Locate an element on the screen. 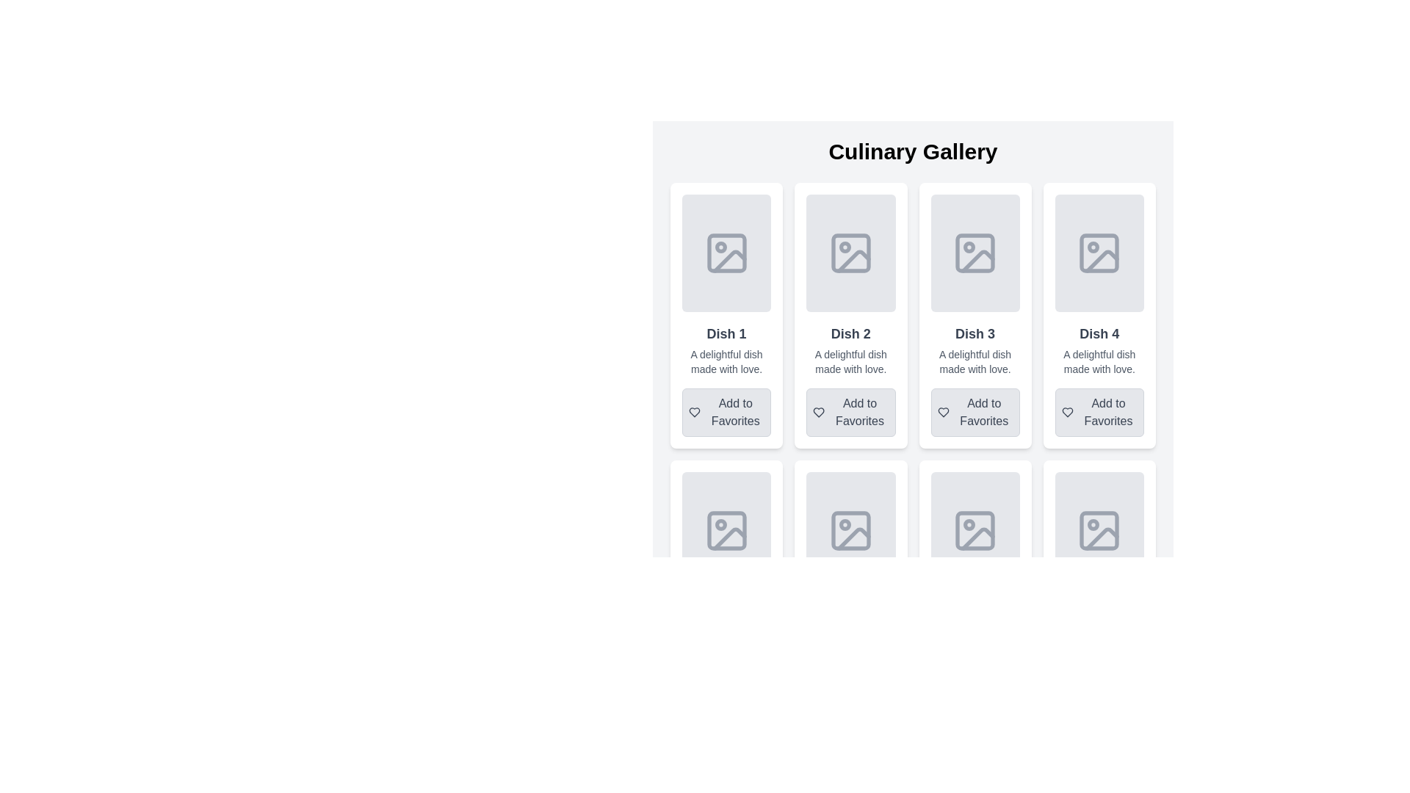 The image size is (1410, 793). the image placeholder icon located in the first column of the second row under the 'Culinary Gallery' section, which features a framed rectangle with a circle and slanted line inside is located at coordinates (726, 530).